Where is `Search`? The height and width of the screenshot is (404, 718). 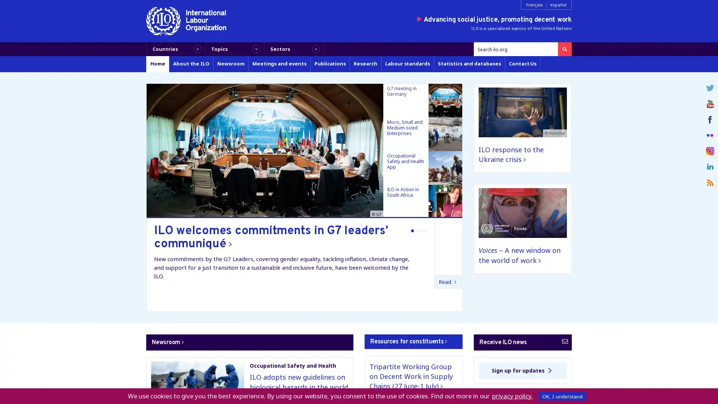 Search is located at coordinates (564, 49).